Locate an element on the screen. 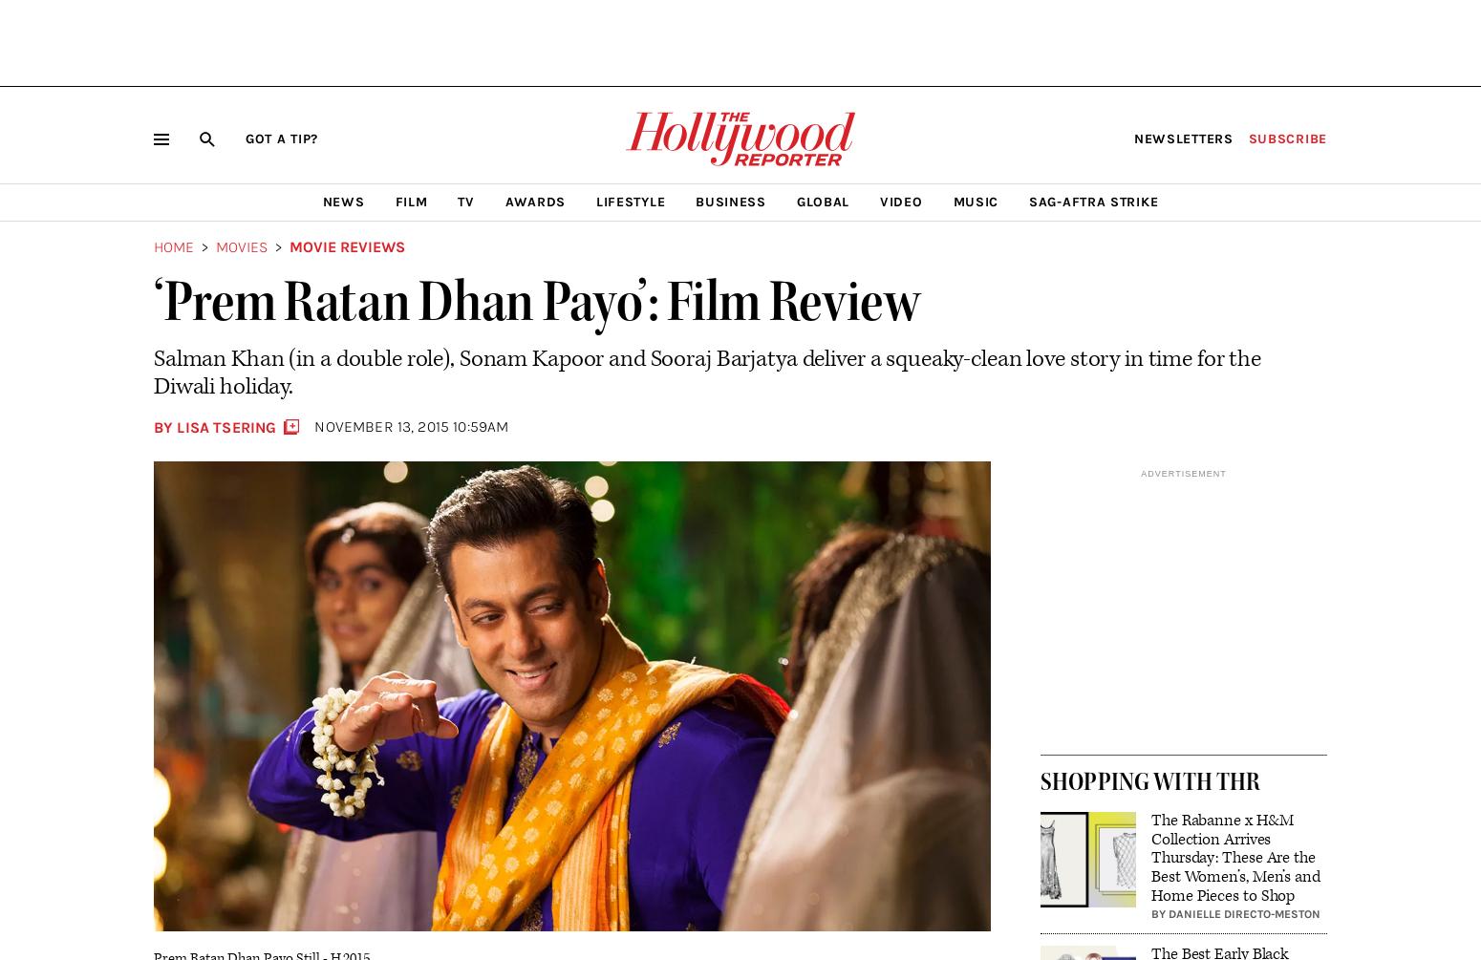 The width and height of the screenshot is (1481, 960). '‘Tainted’ (‘Kalank’): Film Review' is located at coordinates (290, 526).